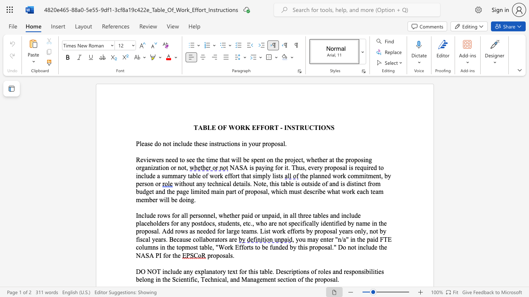 This screenshot has width=529, height=297. What do you see at coordinates (233, 231) in the screenshot?
I see `the space between the continuous character "r" and "g" in the text` at bounding box center [233, 231].